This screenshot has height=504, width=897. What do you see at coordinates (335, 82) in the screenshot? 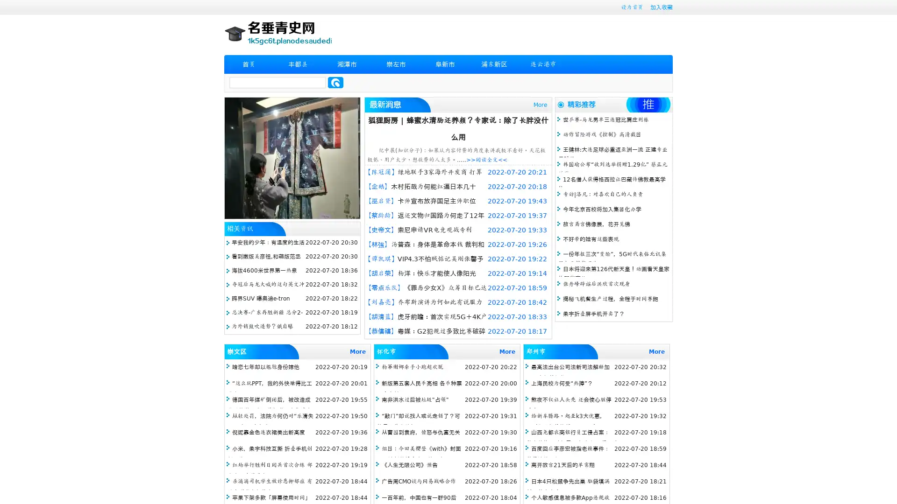
I see `Search` at bounding box center [335, 82].